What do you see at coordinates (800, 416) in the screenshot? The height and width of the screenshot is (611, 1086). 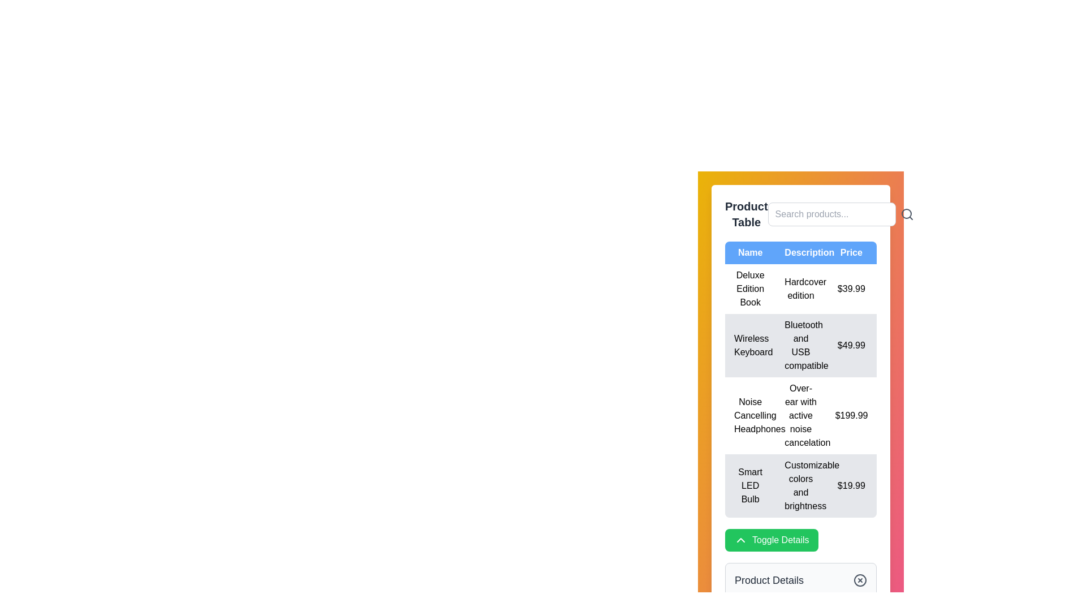 I see `the static text label displaying 'Over-ear with active noise cancelation' in the second column of the row for 'Noise Cancelling Headphones' within the table` at bounding box center [800, 416].